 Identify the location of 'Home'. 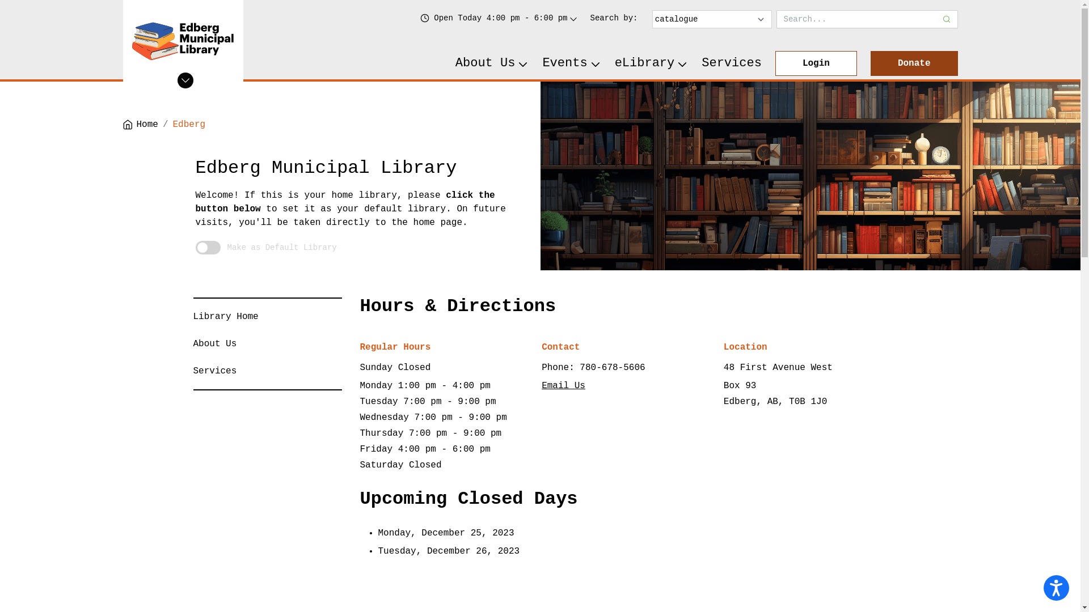
(139, 124).